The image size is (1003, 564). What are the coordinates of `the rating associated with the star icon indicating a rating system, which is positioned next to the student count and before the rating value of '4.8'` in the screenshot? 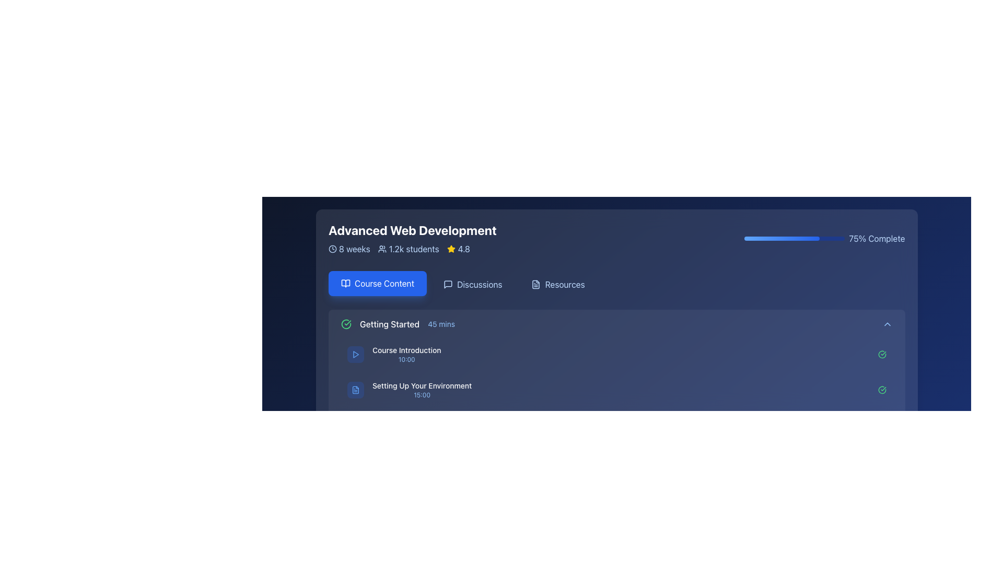 It's located at (451, 249).